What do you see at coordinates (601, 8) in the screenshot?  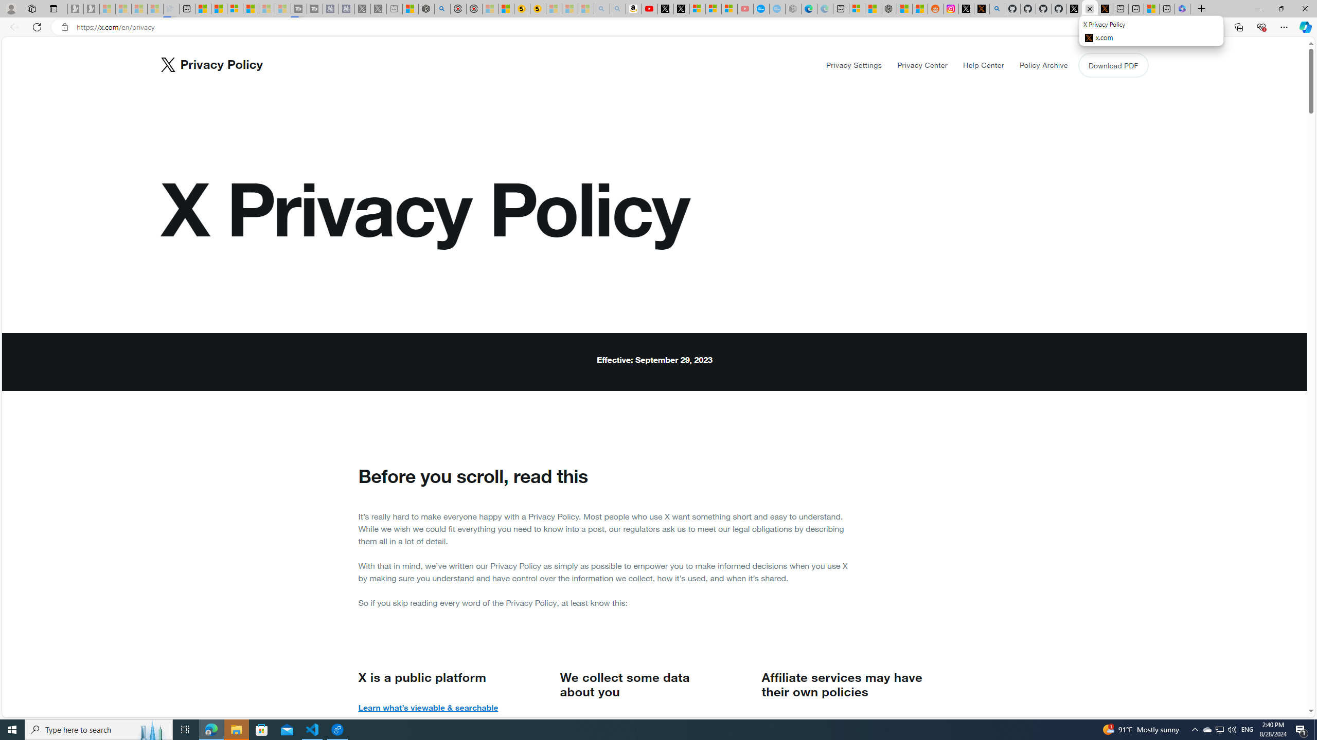 I see `'amazon - Search - Sleeping'` at bounding box center [601, 8].